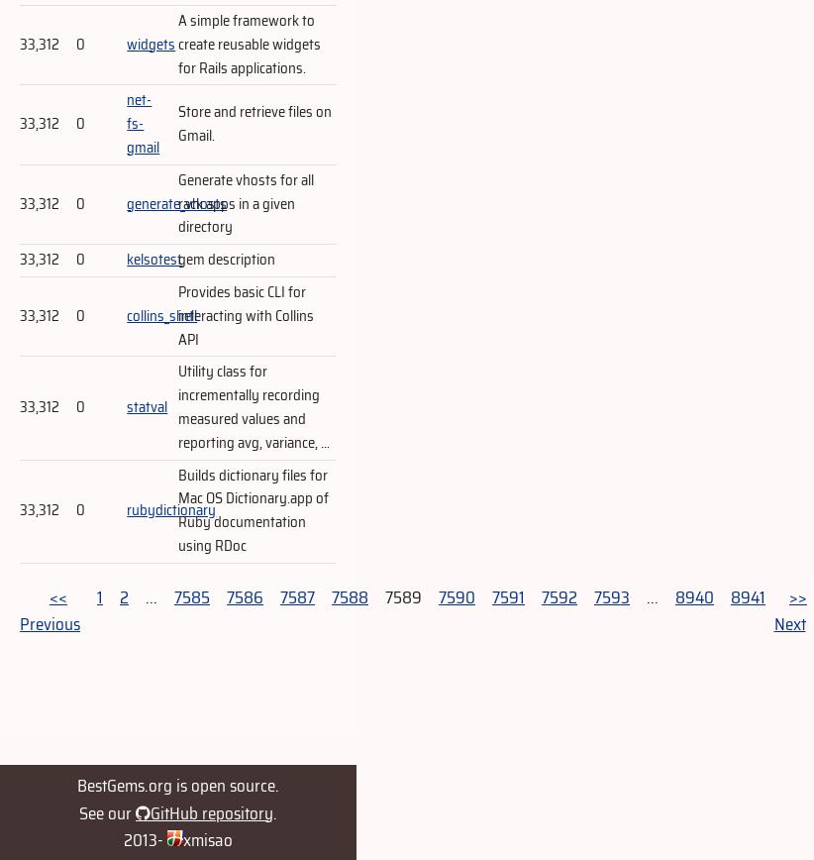 This screenshot has width=814, height=860. What do you see at coordinates (349, 595) in the screenshot?
I see `'7588'` at bounding box center [349, 595].